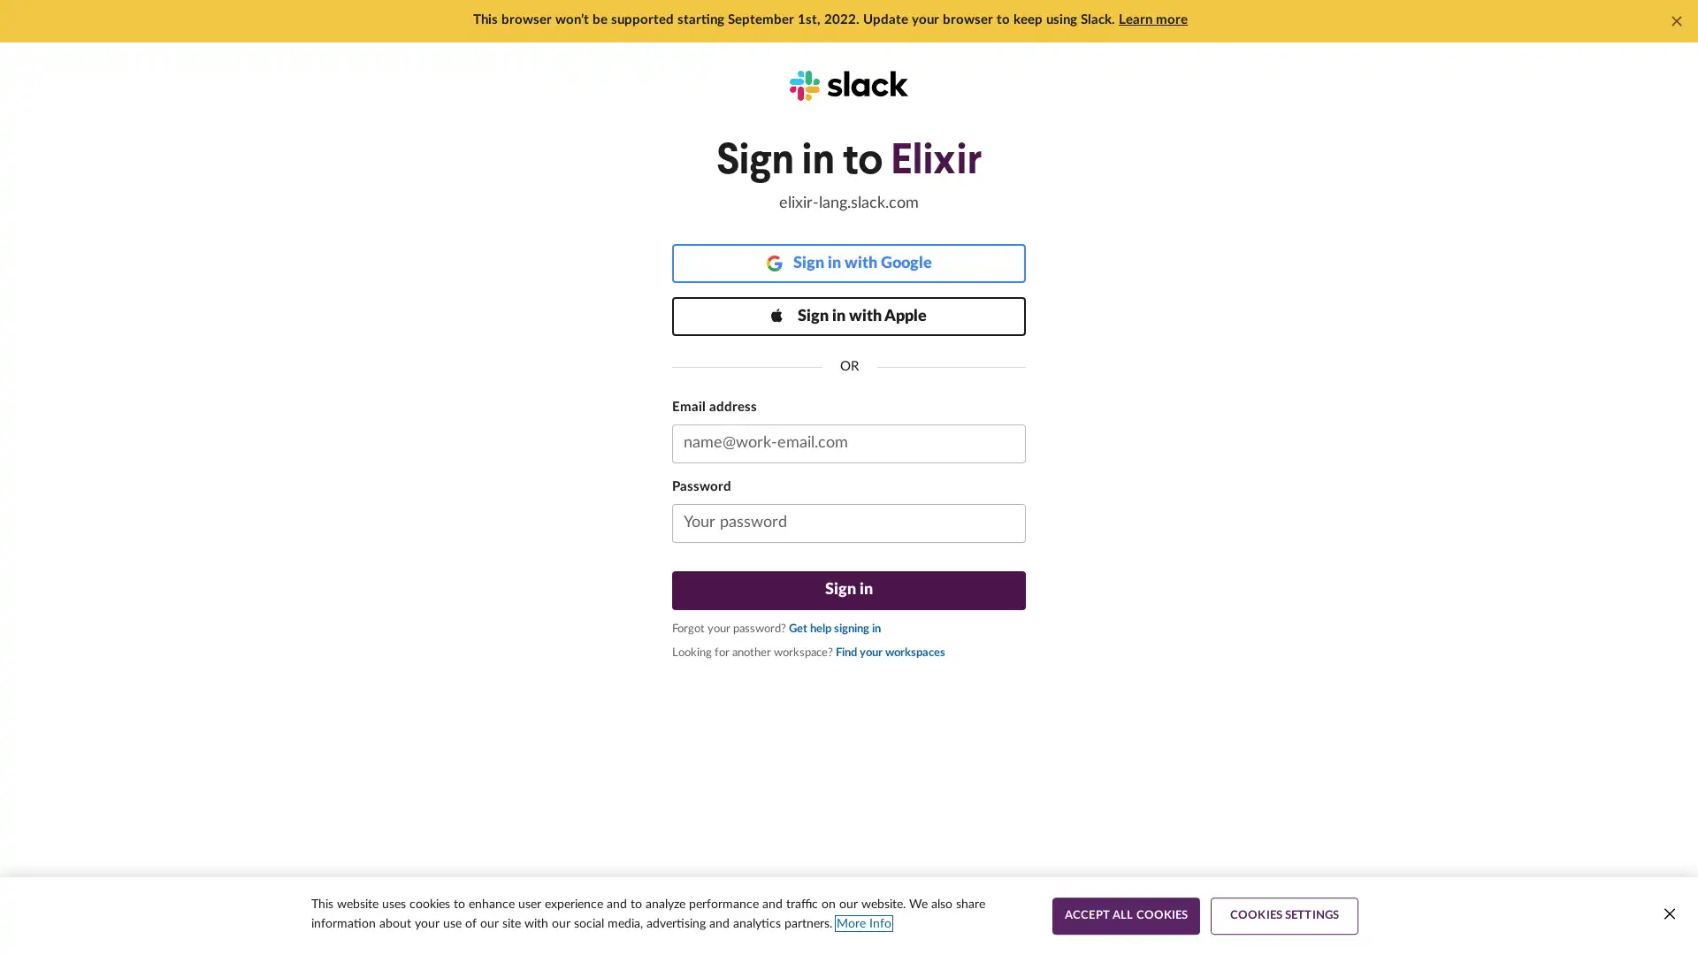 This screenshot has width=1698, height=955. I want to click on ACCEPT ALL COOKIES, so click(1125, 915).